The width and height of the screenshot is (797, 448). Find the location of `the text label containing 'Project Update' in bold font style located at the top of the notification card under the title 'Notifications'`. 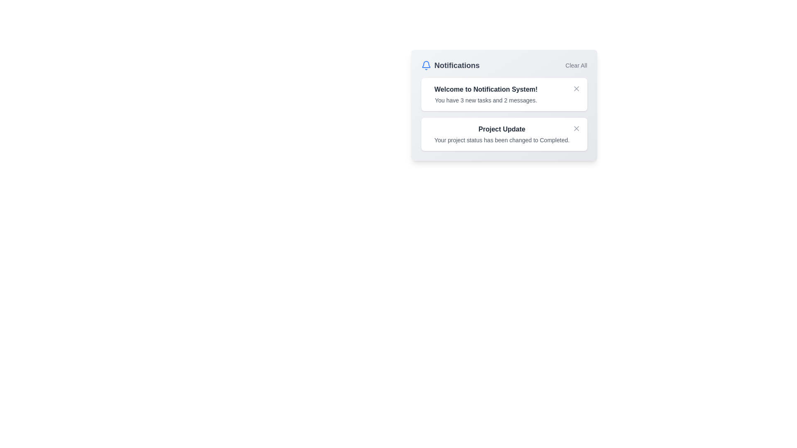

the text label containing 'Project Update' in bold font style located at the top of the notification card under the title 'Notifications' is located at coordinates (501, 129).